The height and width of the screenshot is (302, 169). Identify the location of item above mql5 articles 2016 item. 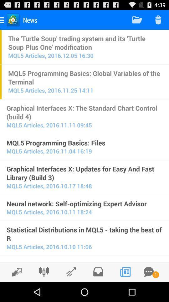
(85, 42).